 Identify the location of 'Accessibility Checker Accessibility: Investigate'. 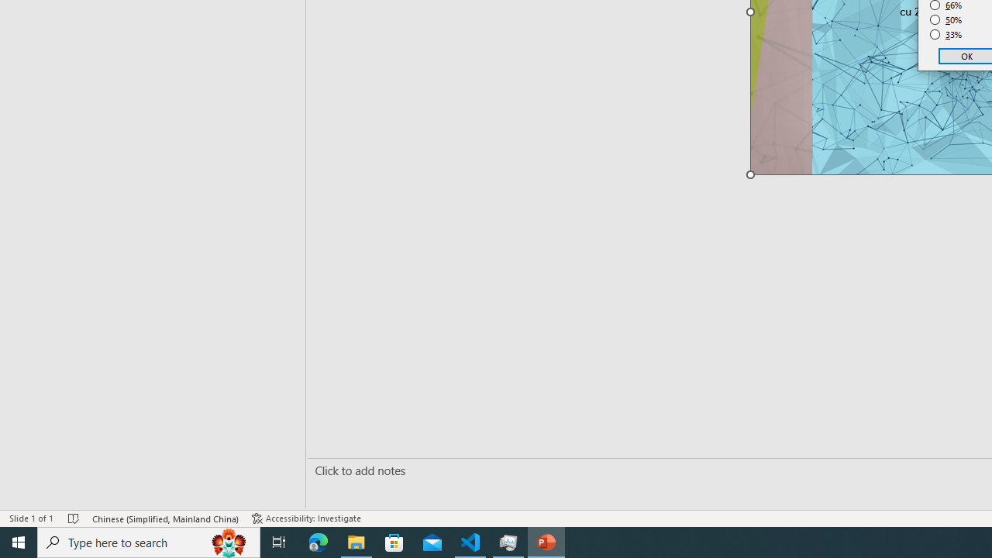
(306, 518).